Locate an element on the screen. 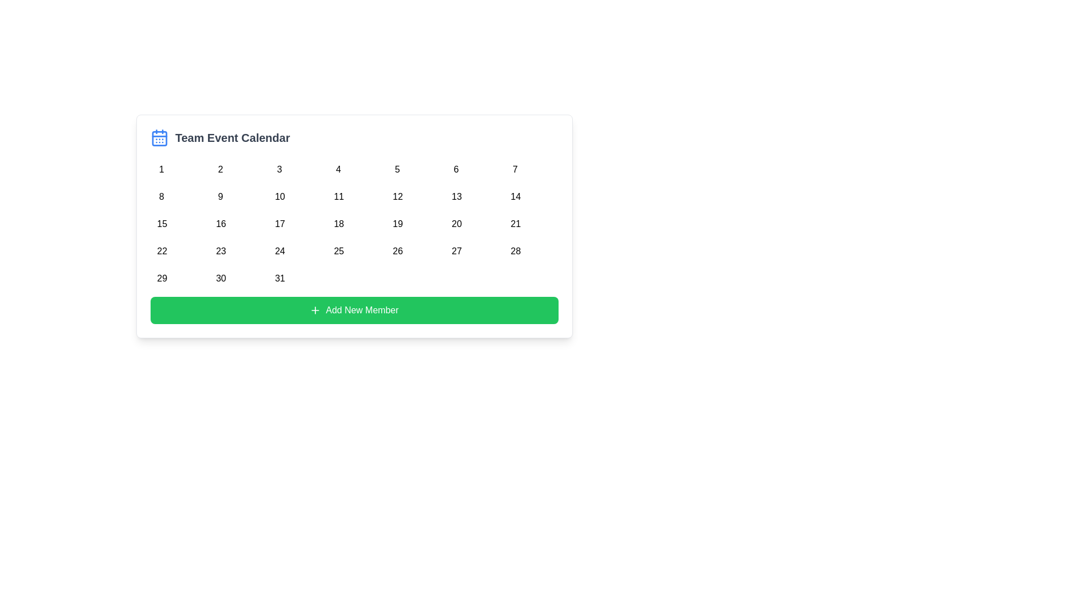 Image resolution: width=1091 pixels, height=613 pixels. the clickable date button for the date '28' in the last row, fourth column of the calendar grid is located at coordinates (514, 249).